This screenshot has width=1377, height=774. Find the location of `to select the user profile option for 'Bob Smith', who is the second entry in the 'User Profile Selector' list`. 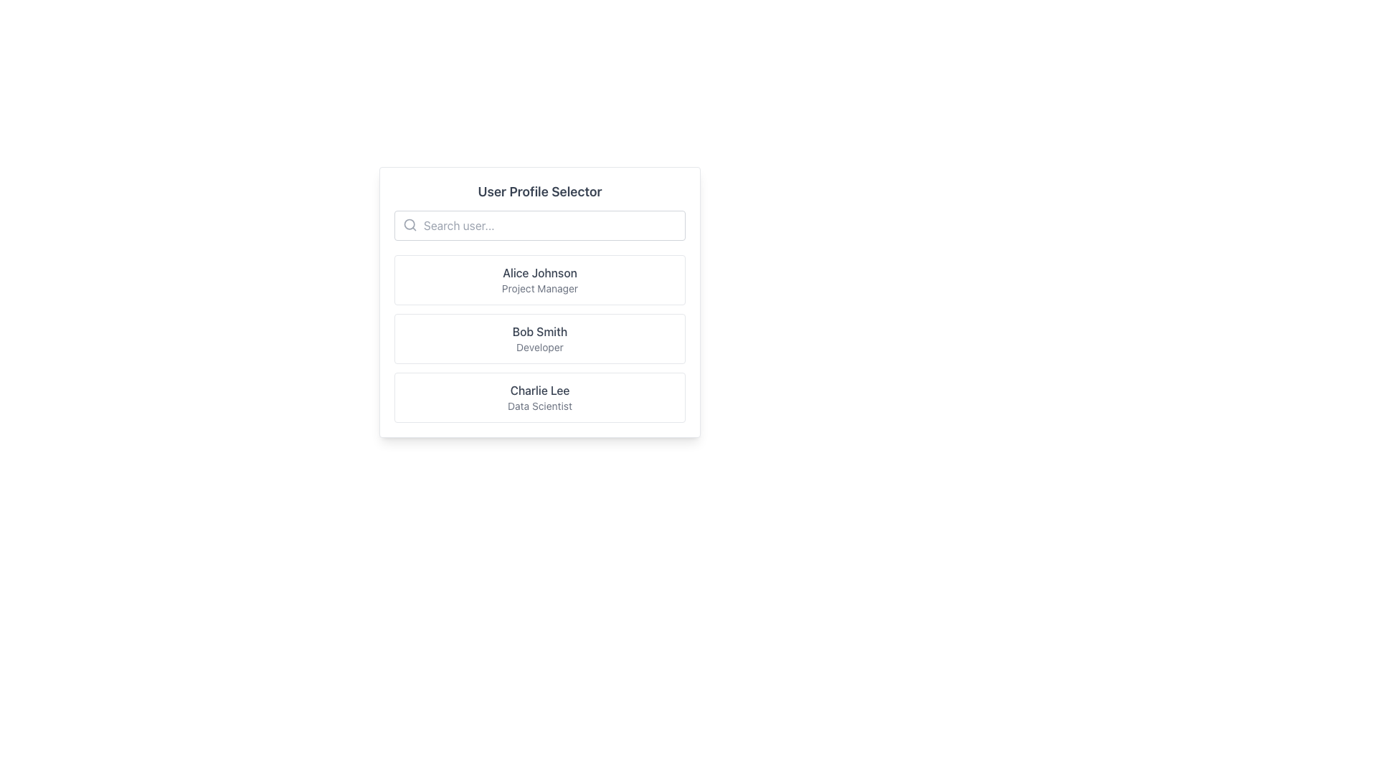

to select the user profile option for 'Bob Smith', who is the second entry in the 'User Profile Selector' list is located at coordinates (539, 339).